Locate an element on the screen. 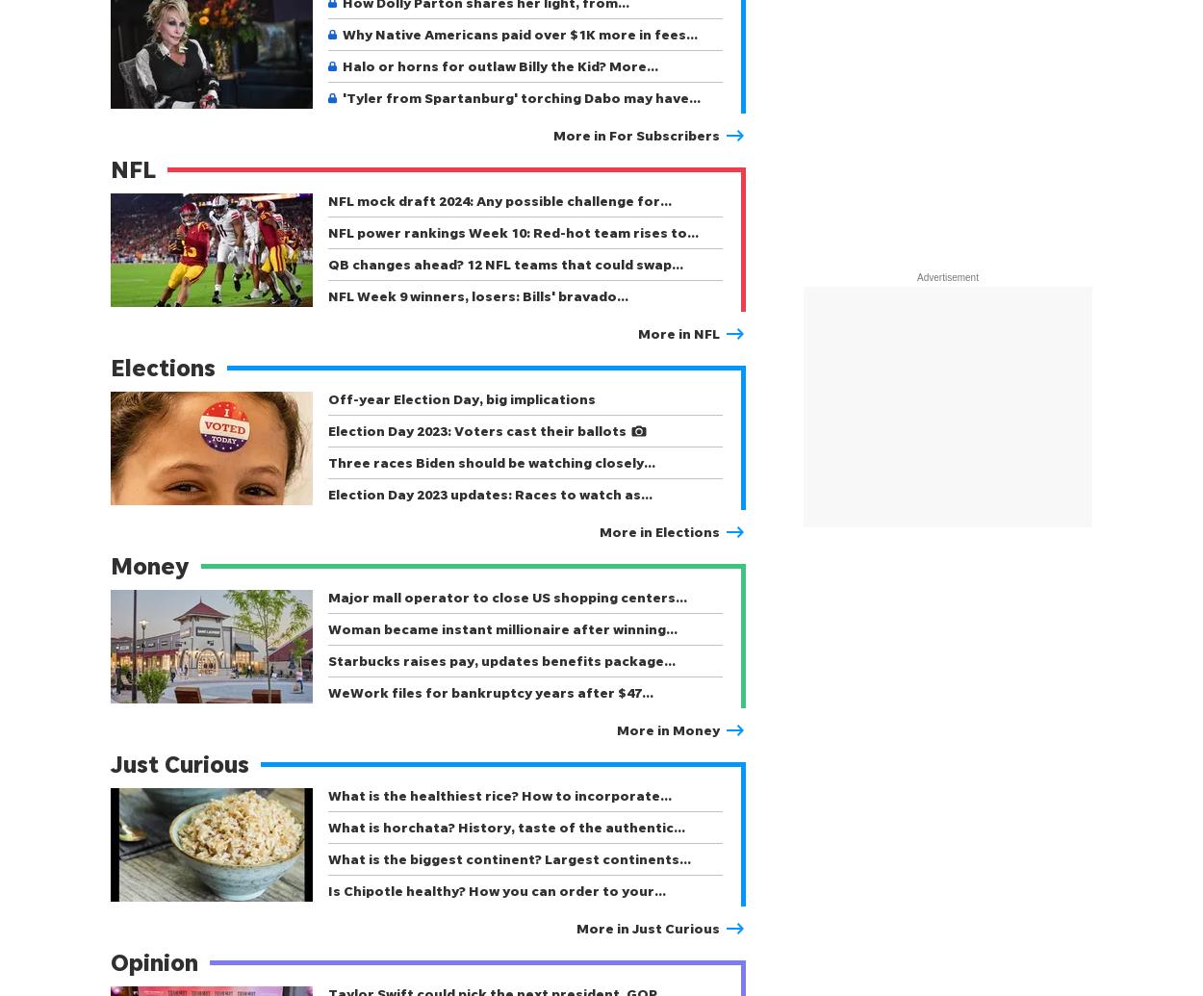 This screenshot has height=996, width=1203. 'What is the healthiest rice? How to incorporate…' is located at coordinates (327, 794).